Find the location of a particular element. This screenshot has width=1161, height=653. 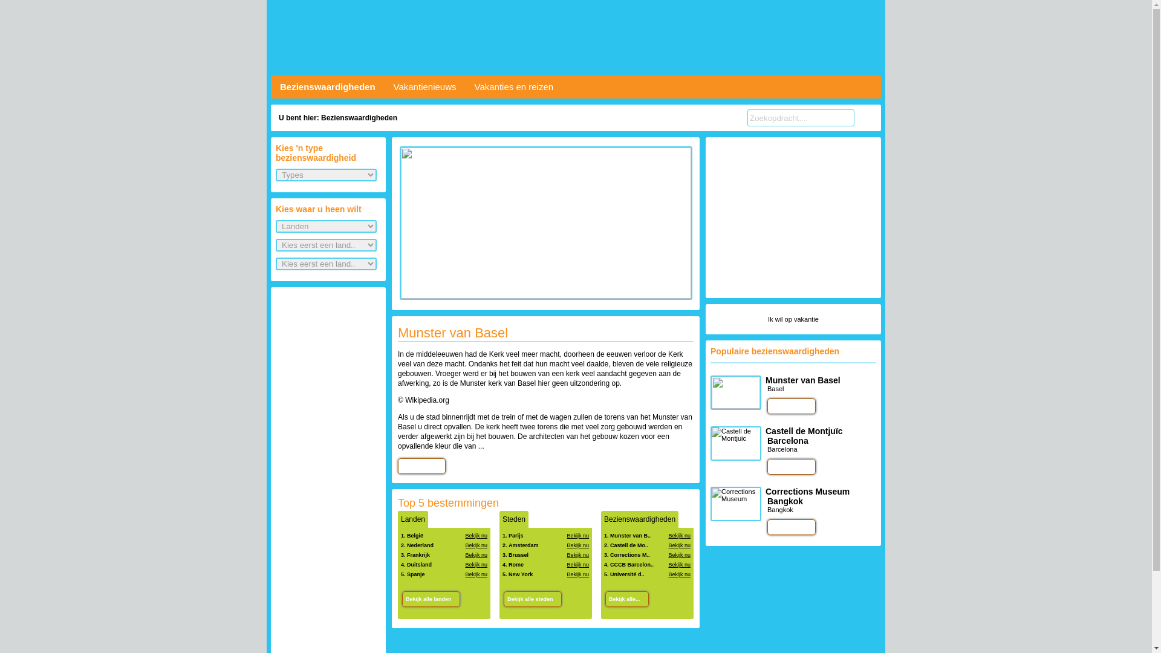

'Barcelona' is located at coordinates (782, 449).